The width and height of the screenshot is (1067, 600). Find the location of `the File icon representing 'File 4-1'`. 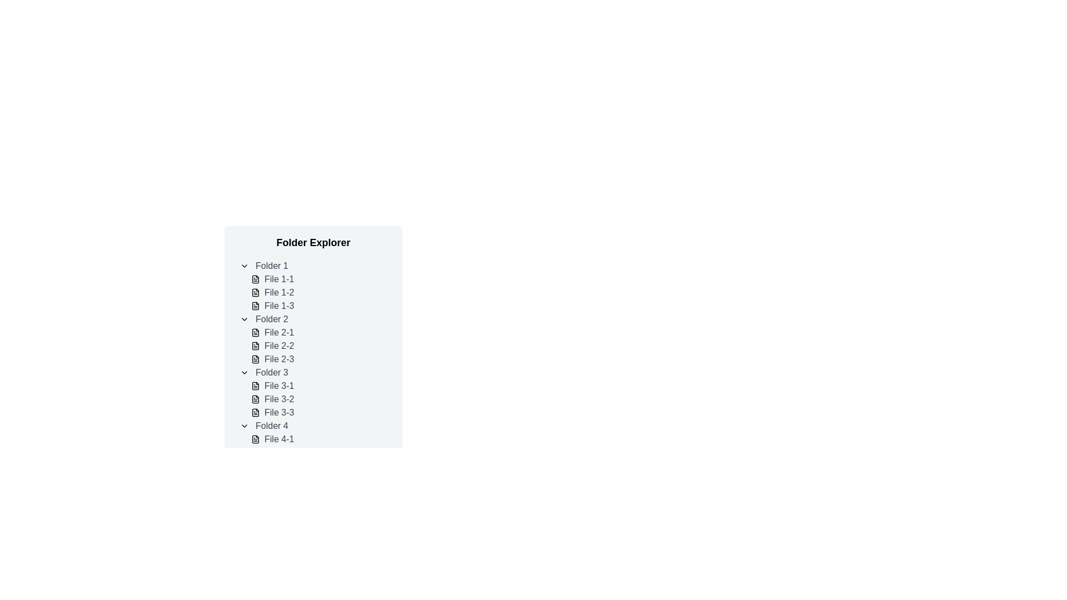

the File icon representing 'File 4-1' is located at coordinates (255, 438).